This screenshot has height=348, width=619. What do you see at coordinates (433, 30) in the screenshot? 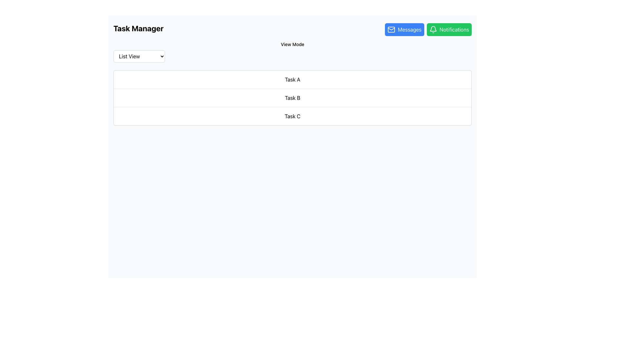
I see `the notifications icon located on the rightmost side of the header section within the green 'Notifications' button` at bounding box center [433, 30].